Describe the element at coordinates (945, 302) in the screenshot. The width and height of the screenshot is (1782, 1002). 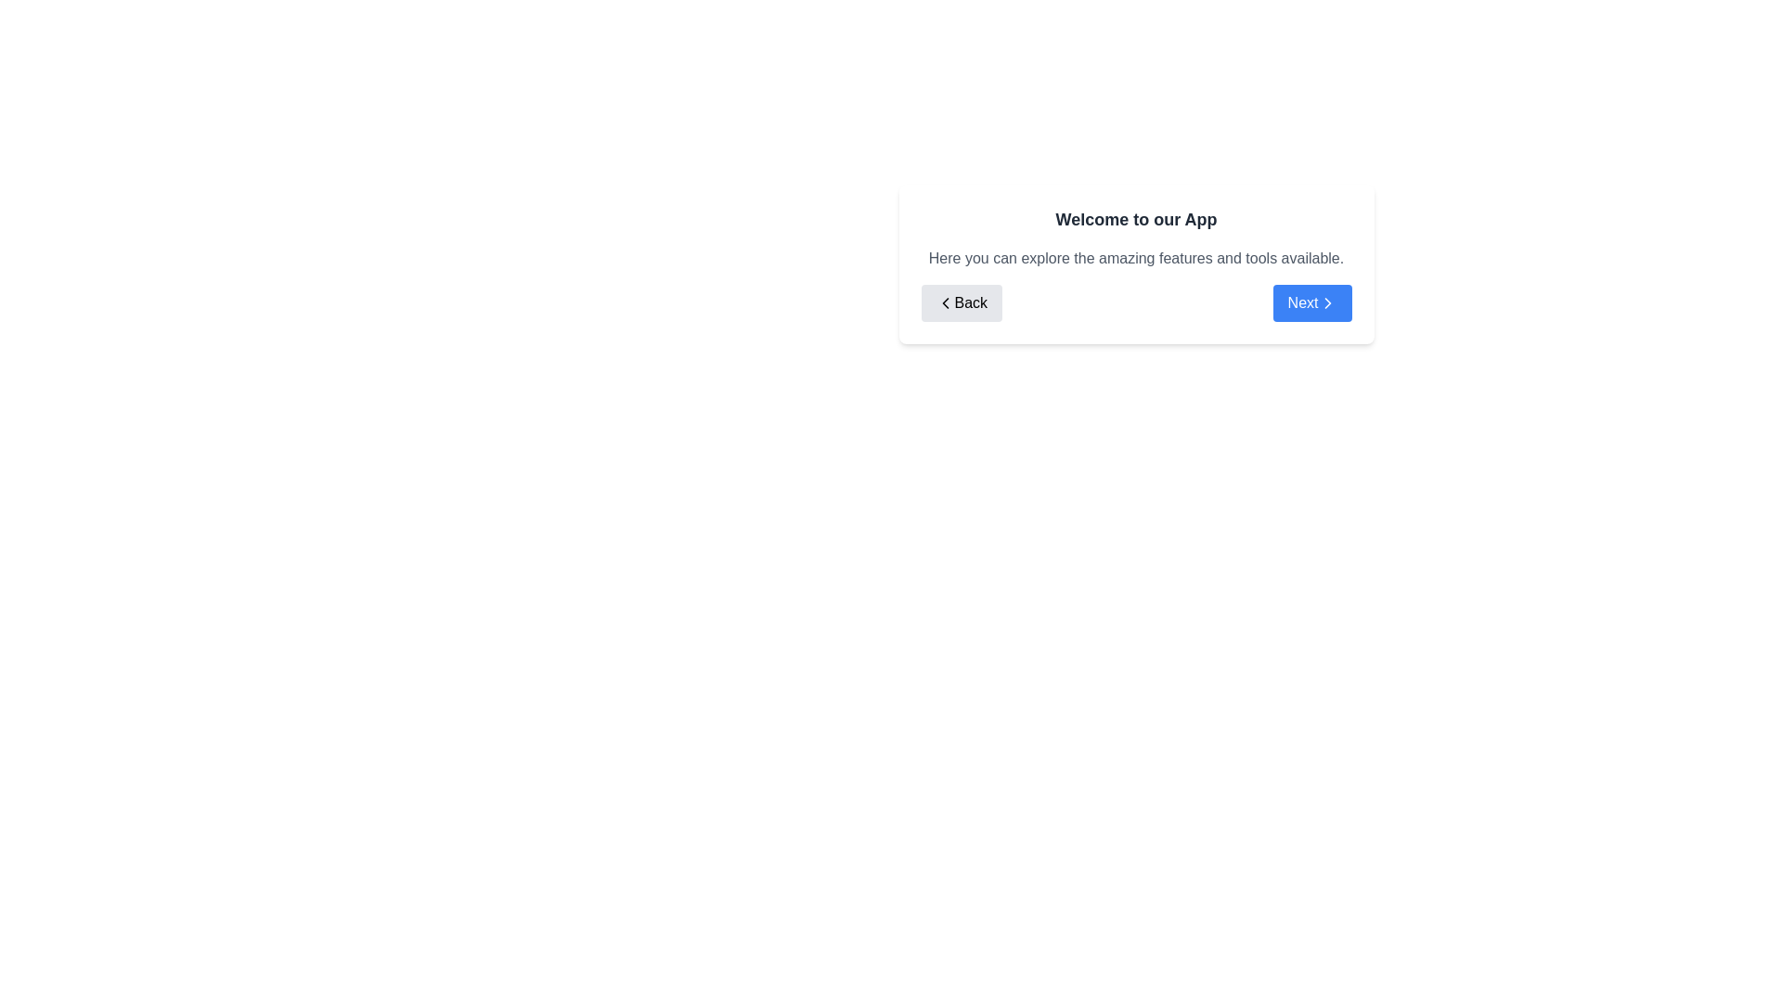
I see `the backward navigation icon located in the middle of the 'Back' button in the dialog box` at that location.